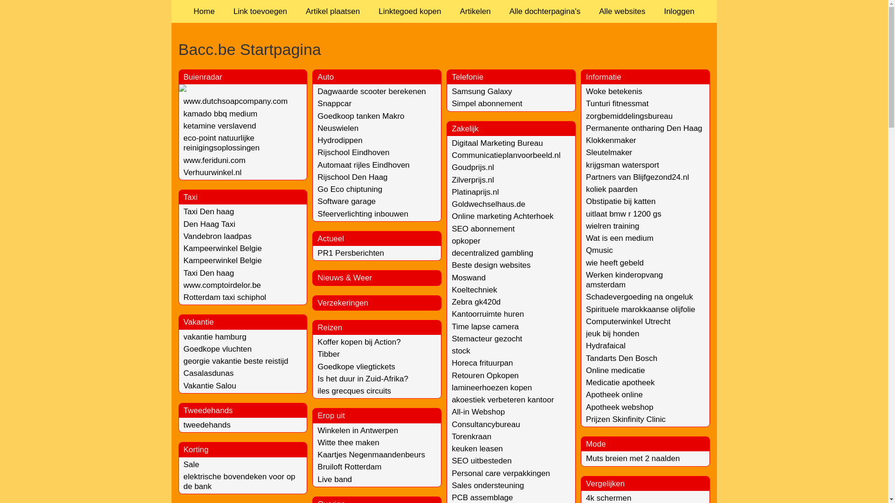 The height and width of the screenshot is (503, 895). Describe the element at coordinates (500, 473) in the screenshot. I see `'Personal care verpakkingen'` at that location.